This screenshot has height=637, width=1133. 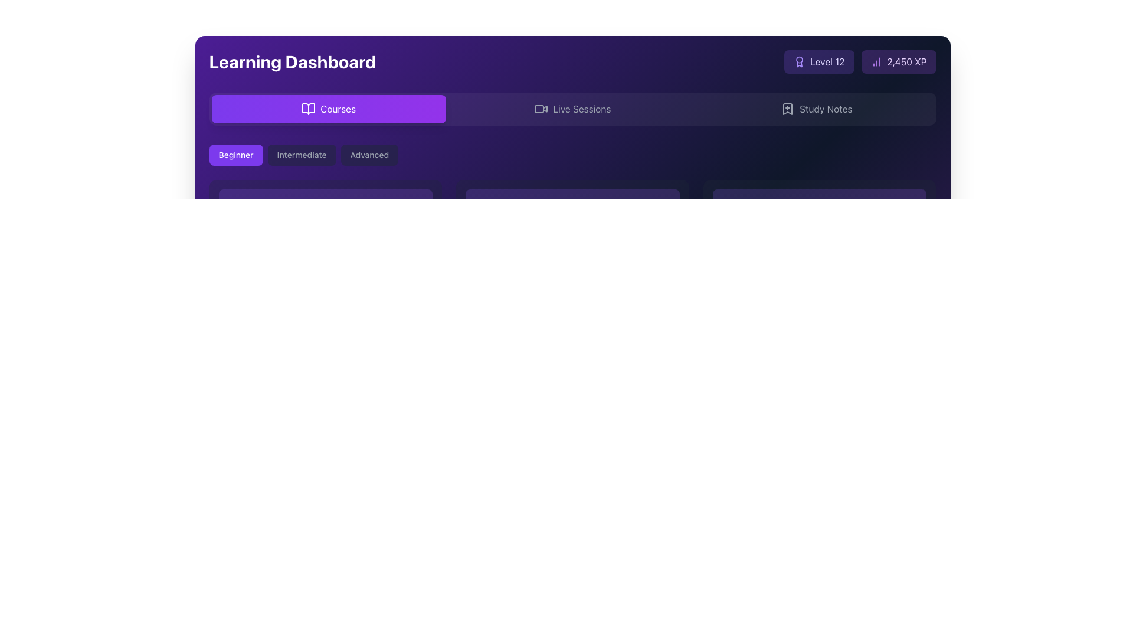 I want to click on the circular shape representing a sub-component of the award icon located at the top-right corner of the interface, just to the left of the 'Level 12' label, so click(x=800, y=60).